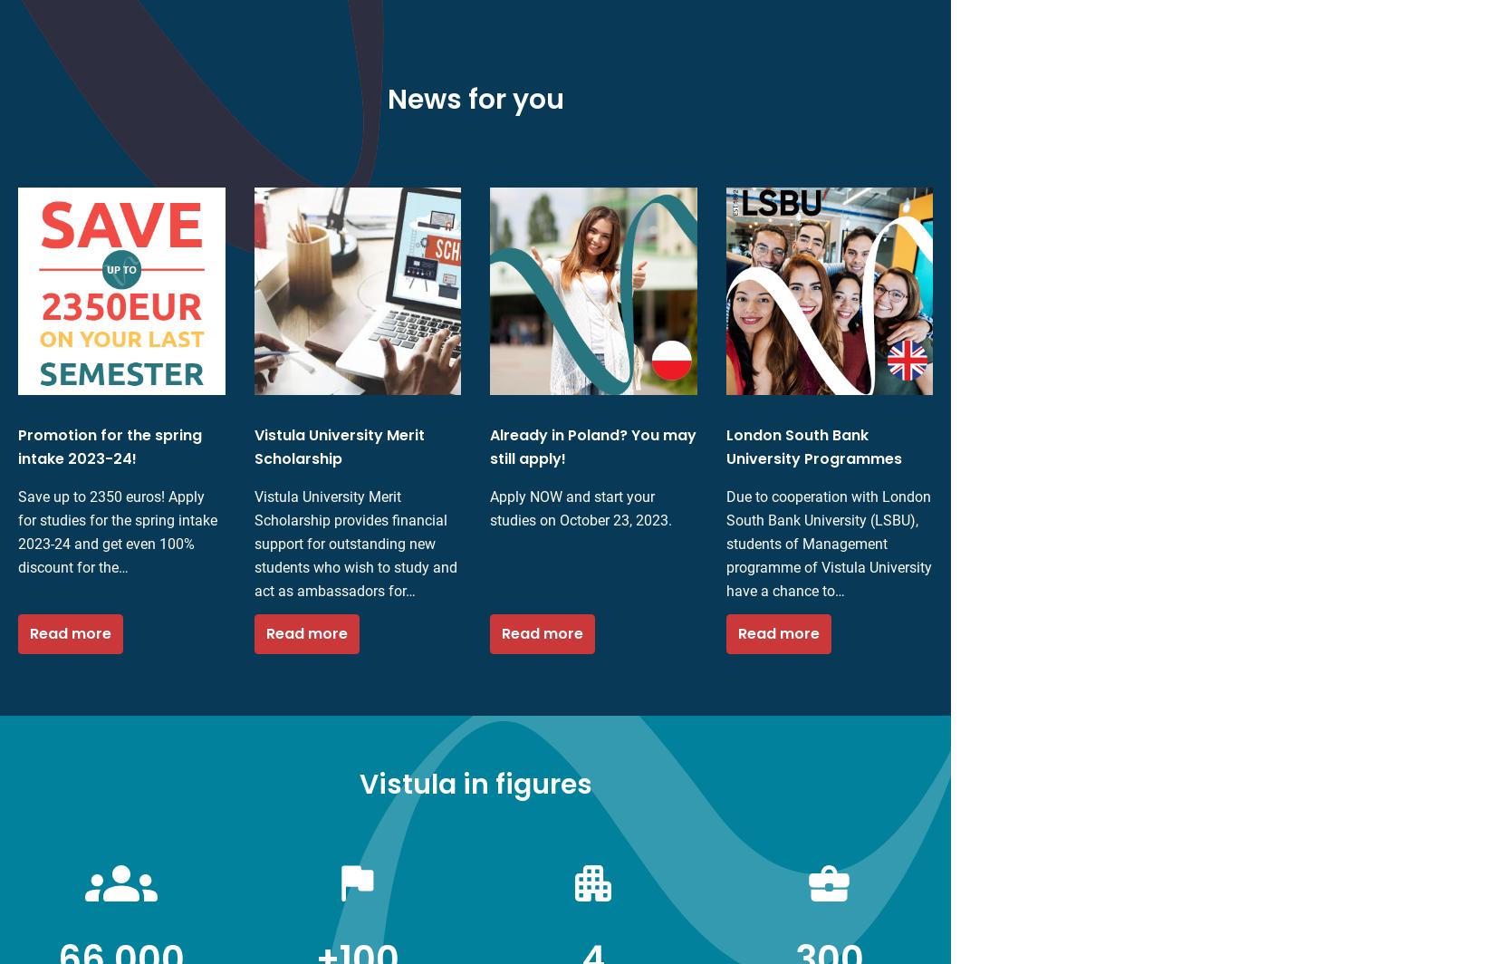  I want to click on 'Educational offers', so click(390, 728).